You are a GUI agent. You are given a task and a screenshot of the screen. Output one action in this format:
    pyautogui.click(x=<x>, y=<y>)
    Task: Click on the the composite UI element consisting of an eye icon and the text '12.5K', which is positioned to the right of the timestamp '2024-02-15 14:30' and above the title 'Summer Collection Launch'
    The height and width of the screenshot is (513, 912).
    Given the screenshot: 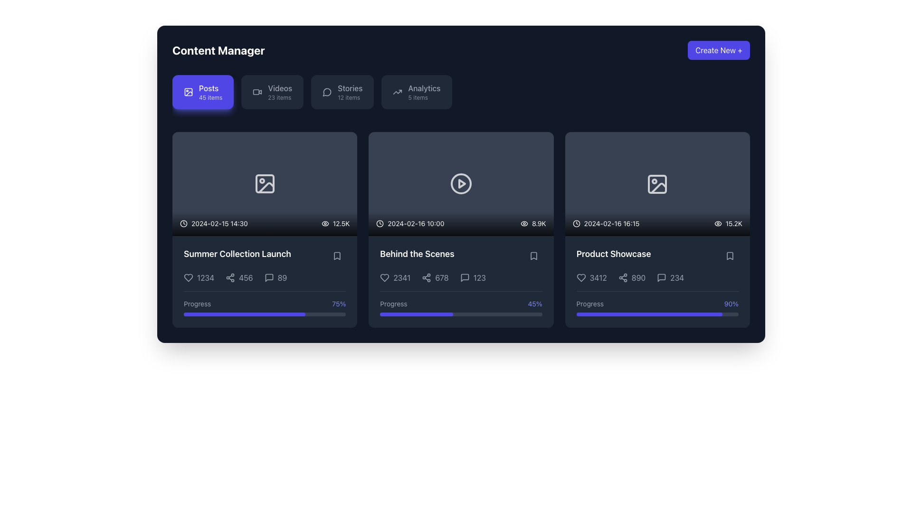 What is the action you would take?
    pyautogui.click(x=335, y=223)
    